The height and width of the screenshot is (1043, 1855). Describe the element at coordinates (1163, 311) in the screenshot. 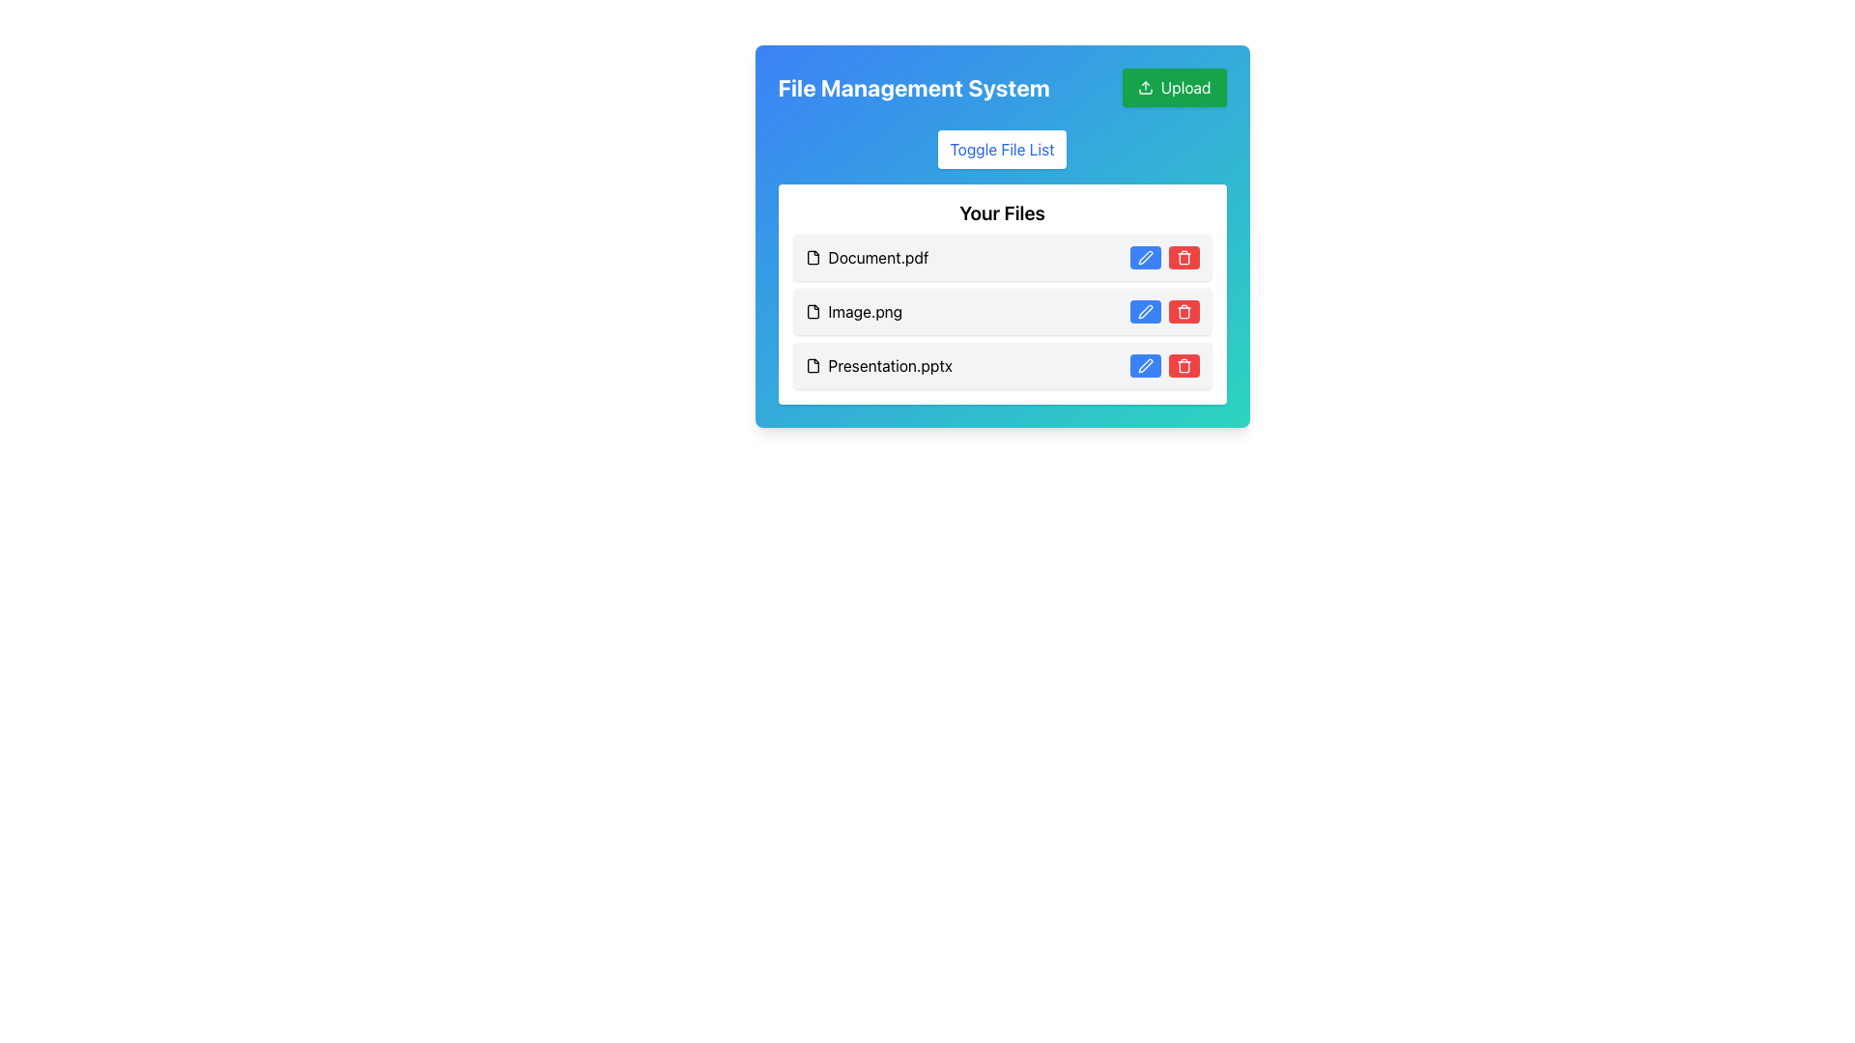

I see `the blue button in the grouped buttons for editing, located to the left of the red button in the file management interface for 'Image.png'` at that location.